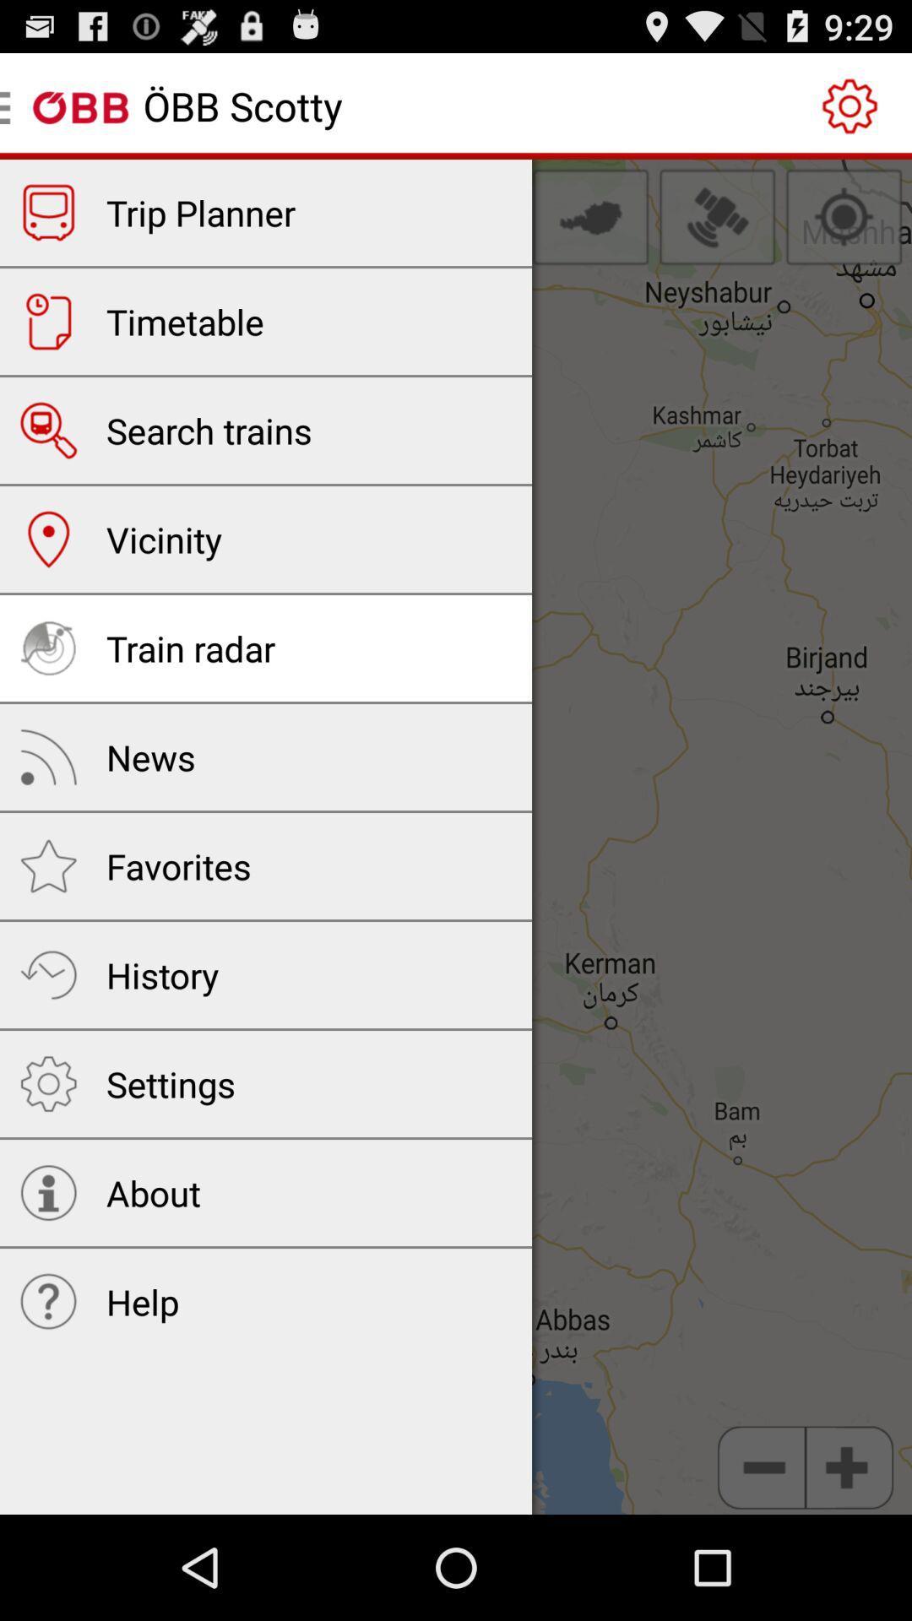  What do you see at coordinates (142, 1300) in the screenshot?
I see `the help` at bounding box center [142, 1300].